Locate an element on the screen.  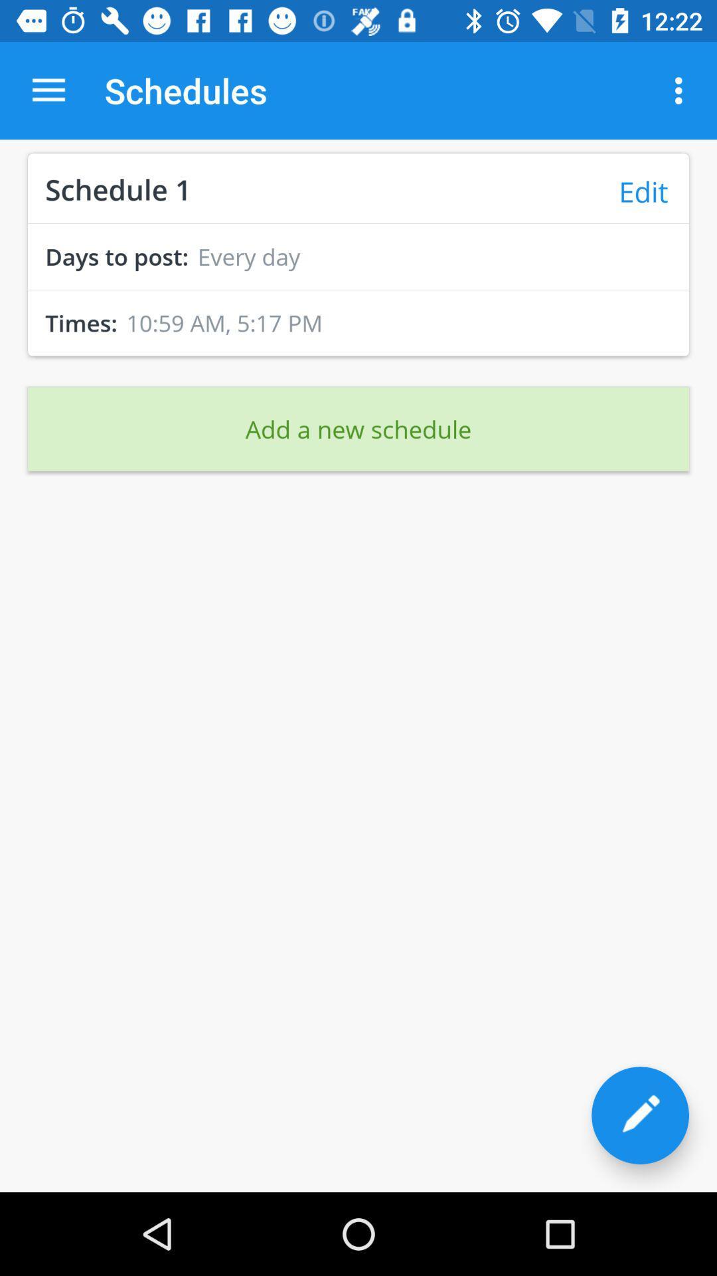
the days to post: icon is located at coordinates (112, 257).